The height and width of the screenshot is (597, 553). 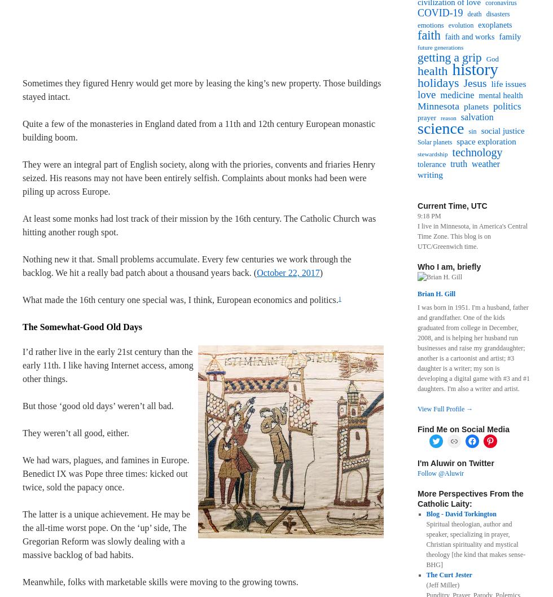 I want to click on 'We had wars, plagues, and famines in Europe. Benedict IX was Pope three times: kicked out twice, sold the papacy once.', so click(x=22, y=473).